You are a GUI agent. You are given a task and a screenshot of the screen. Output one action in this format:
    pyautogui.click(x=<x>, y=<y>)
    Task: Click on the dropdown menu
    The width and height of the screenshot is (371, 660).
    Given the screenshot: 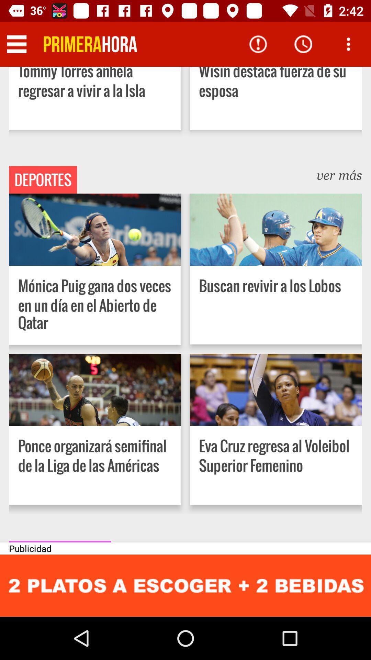 What is the action you would take?
    pyautogui.click(x=16, y=44)
    